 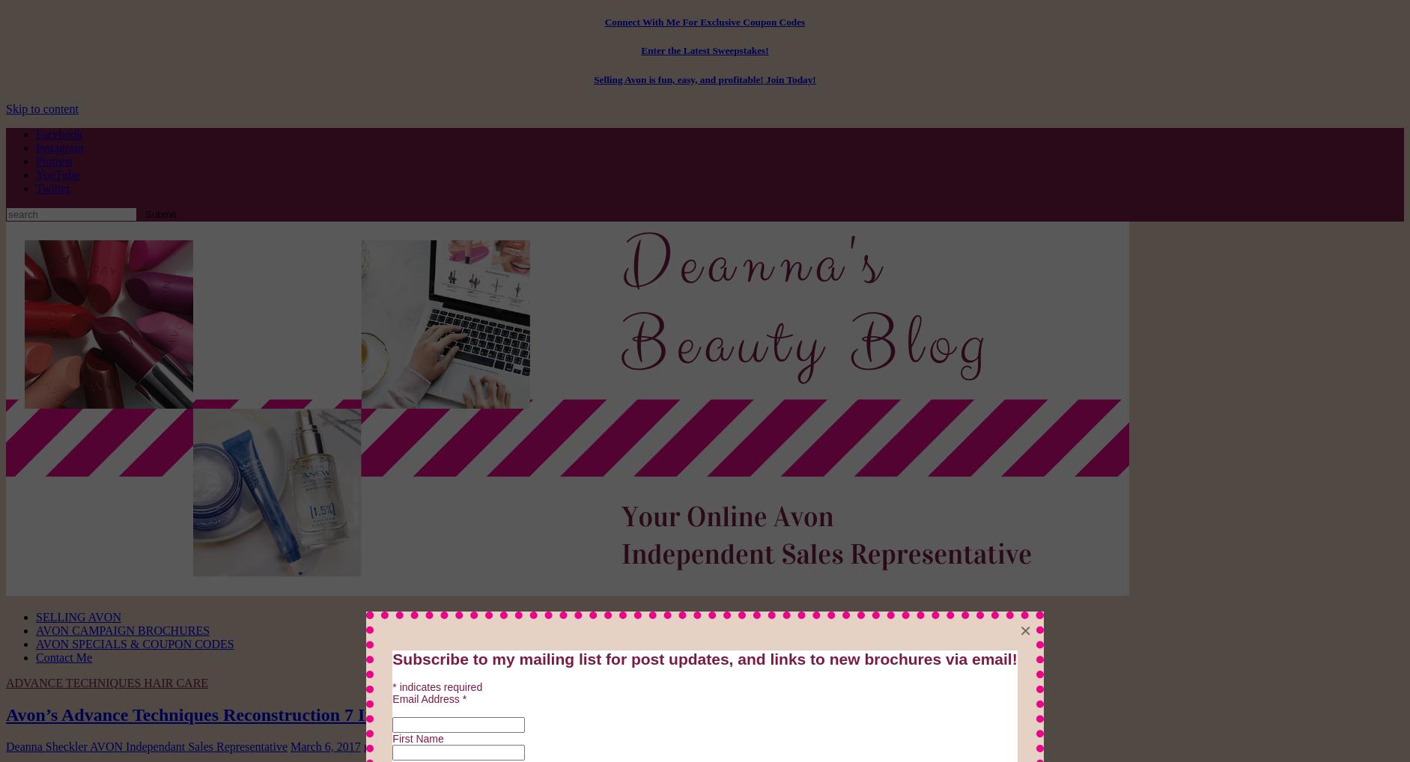 What do you see at coordinates (668, 754) in the screenshot?
I see `'error:'` at bounding box center [668, 754].